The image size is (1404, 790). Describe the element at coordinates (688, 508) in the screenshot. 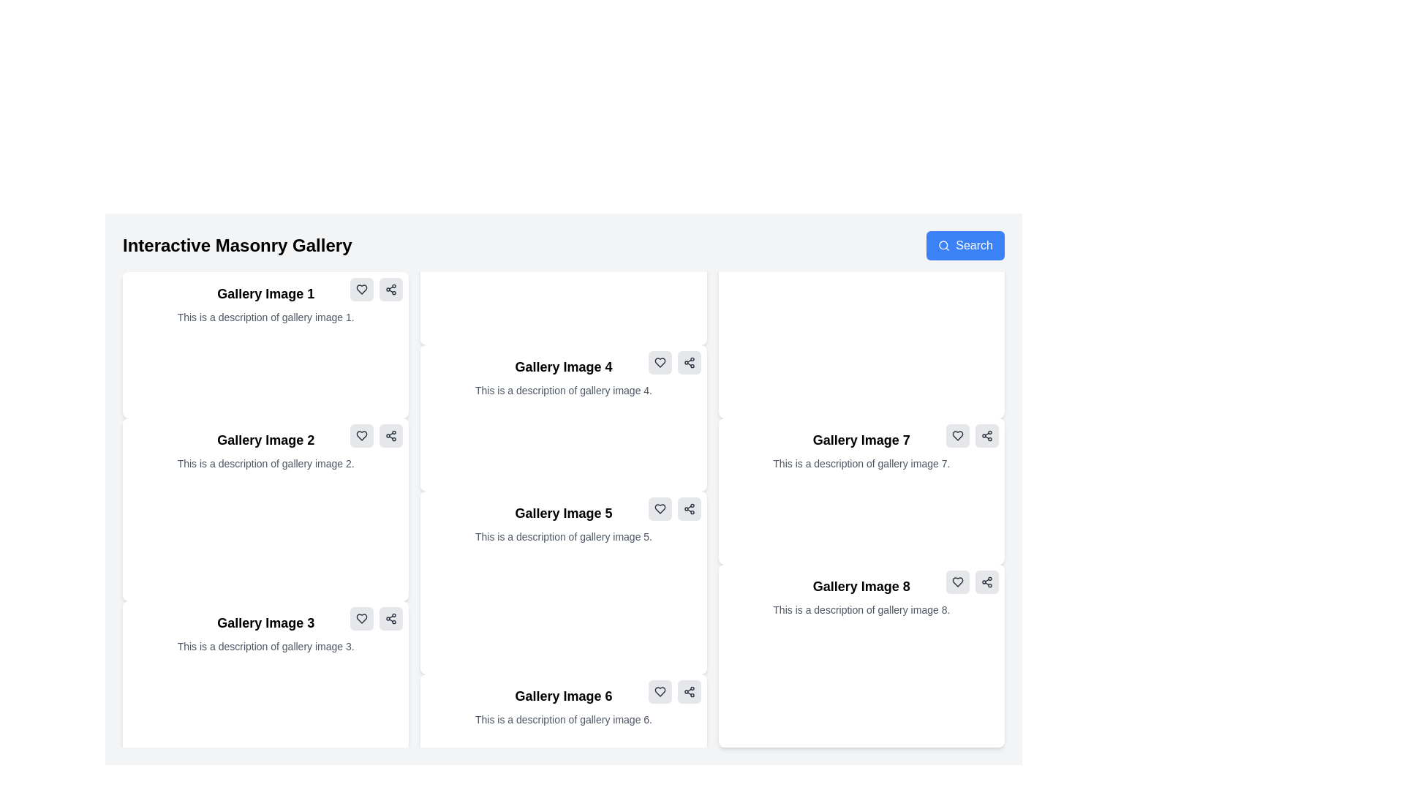

I see `the share icon located at the bottom-right corner of the 'Gallery Image 5' card, which resembles a connected nodes or share symbol` at that location.